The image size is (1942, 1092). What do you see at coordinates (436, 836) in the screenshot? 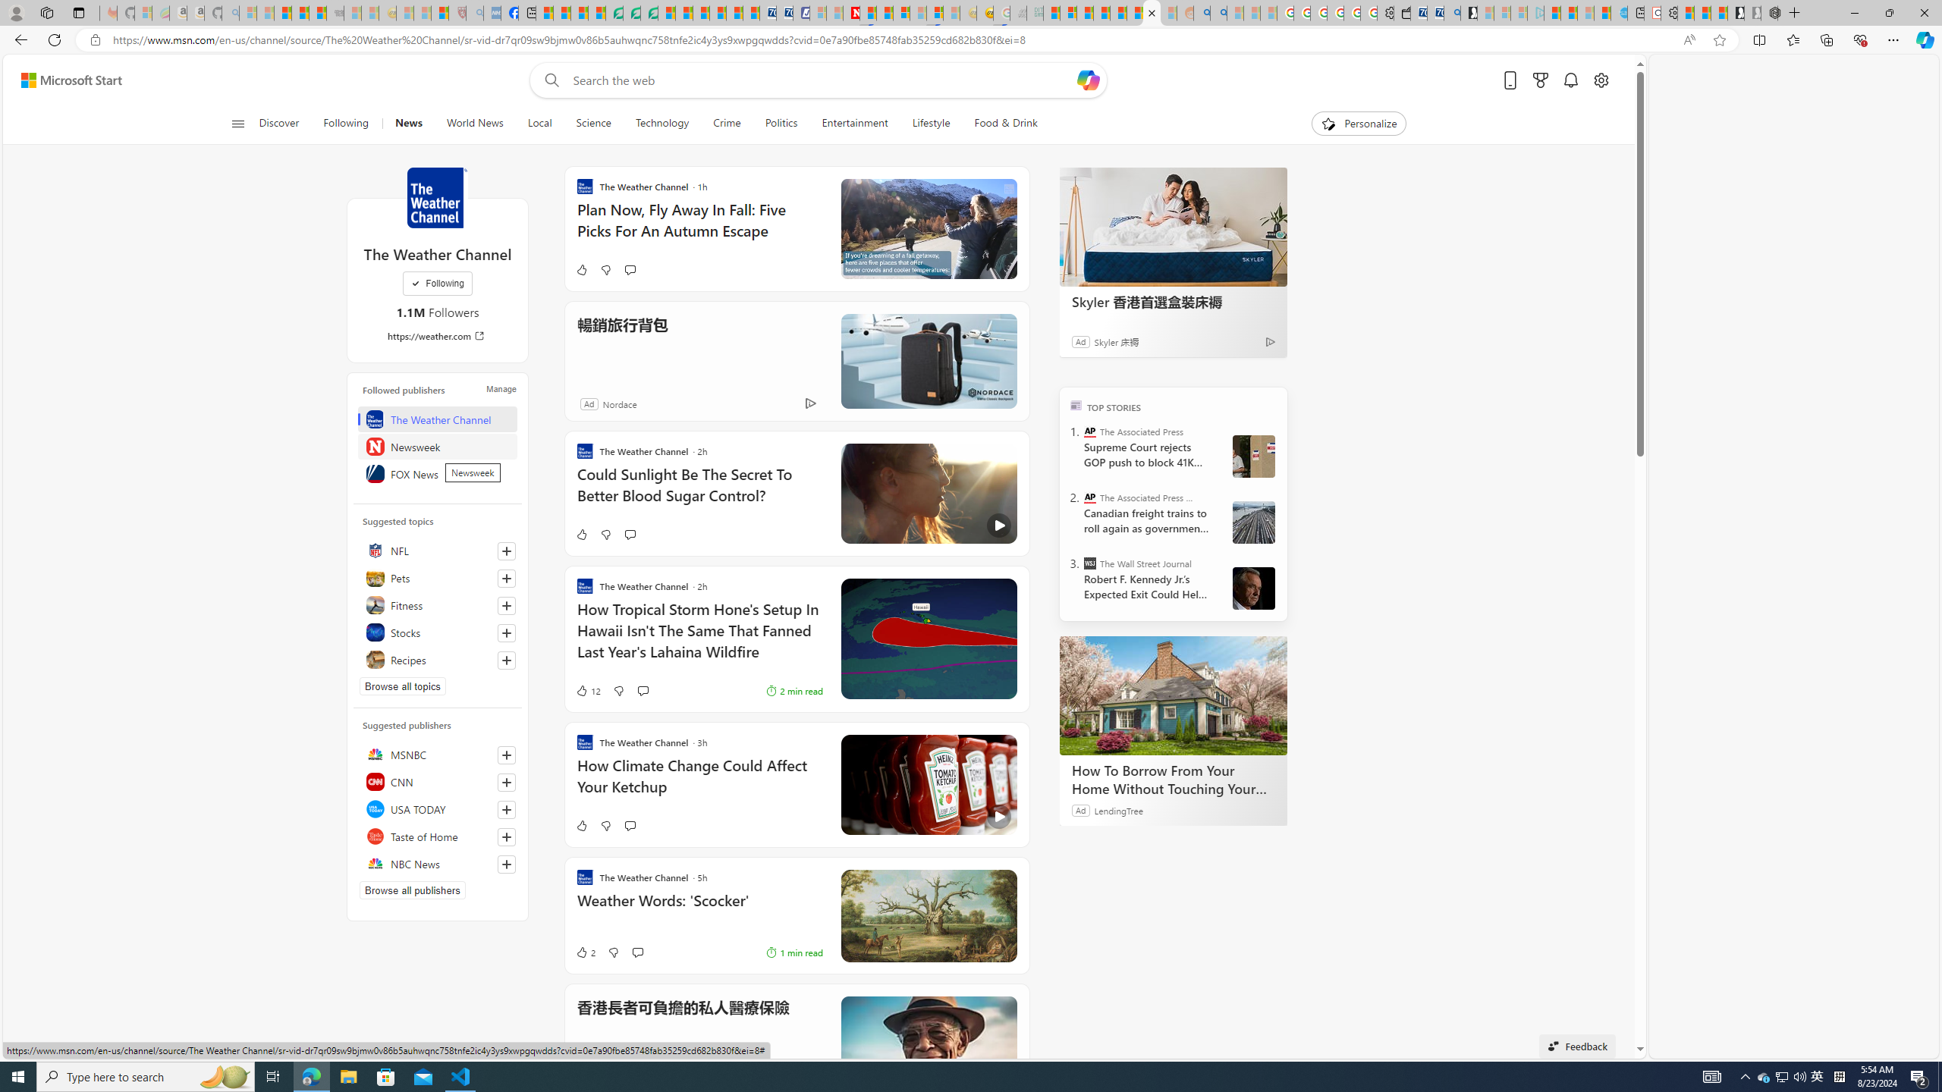
I see `'Taste of Home'` at bounding box center [436, 836].